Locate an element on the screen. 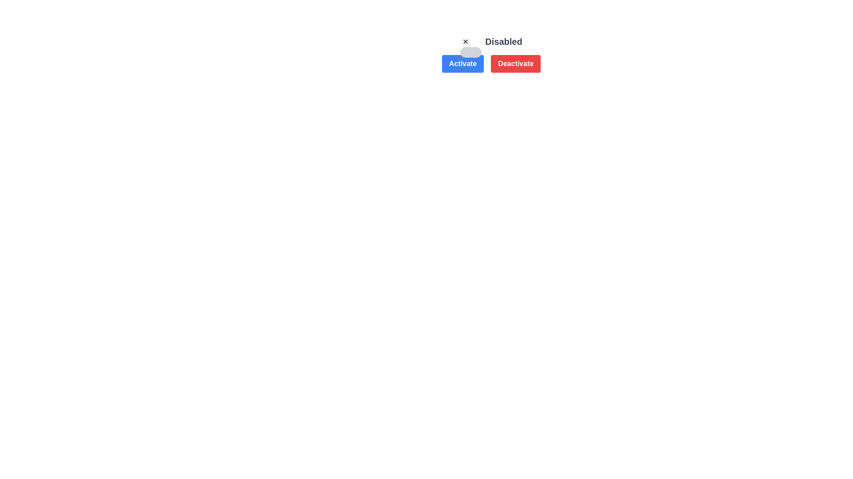 The image size is (853, 479). the 'Deactivate' button, which is the second button to the right of the 'Activate' button in the row below the 'Disabled' section is located at coordinates (490, 54).